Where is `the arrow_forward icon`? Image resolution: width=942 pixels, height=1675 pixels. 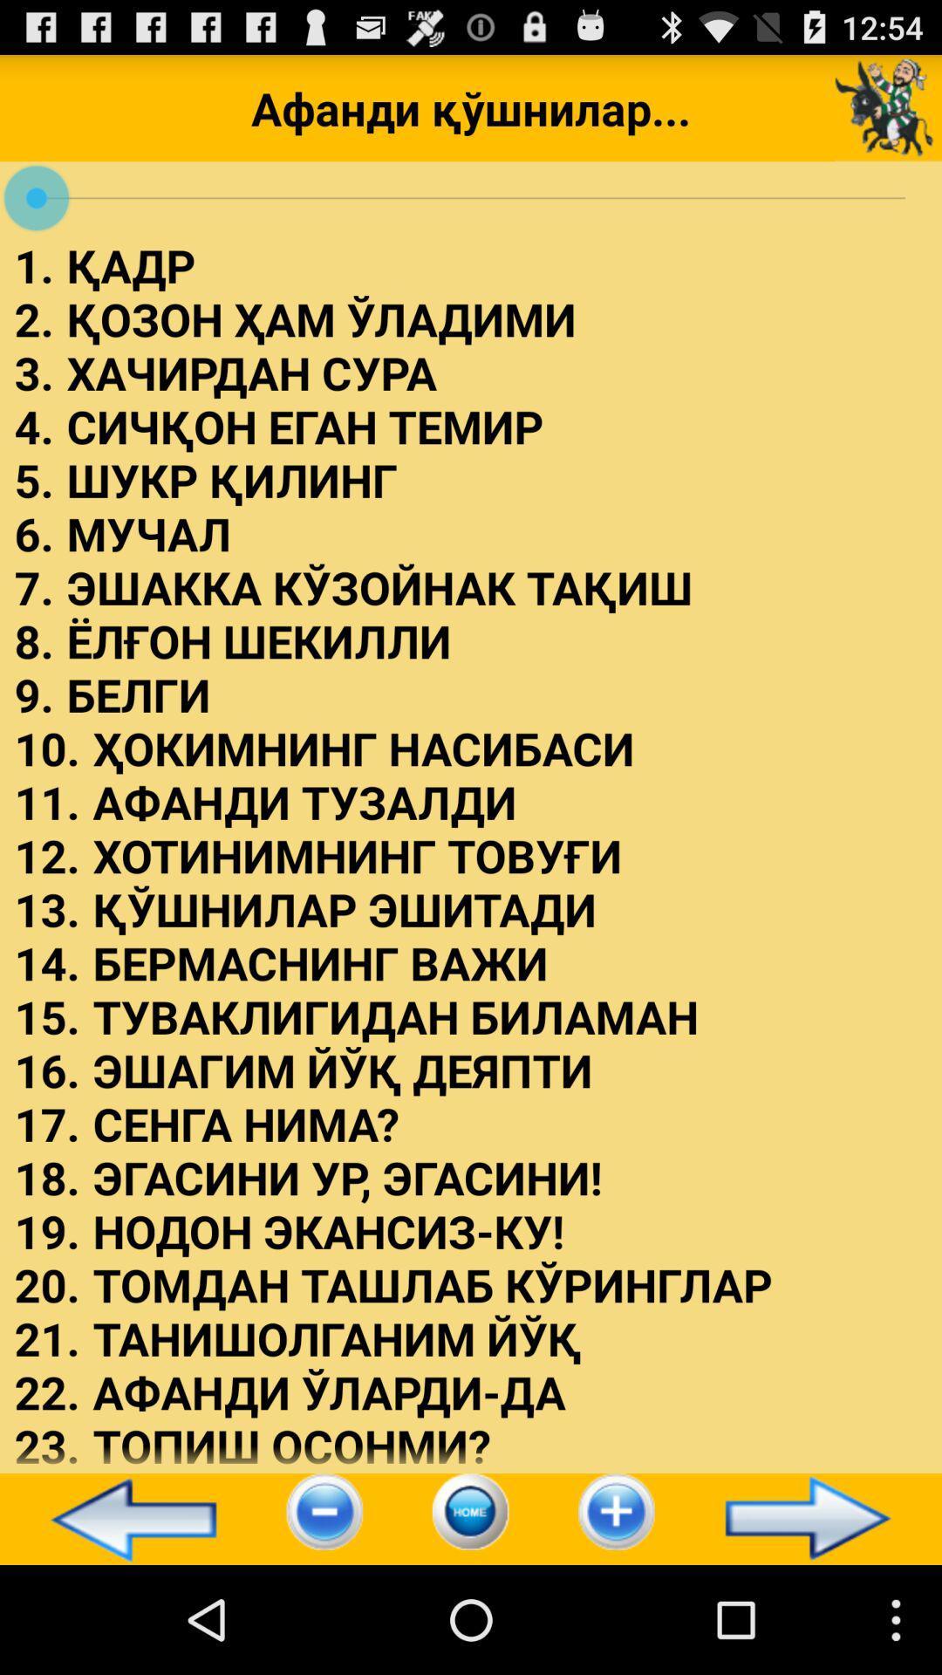 the arrow_forward icon is located at coordinates (816, 1624).